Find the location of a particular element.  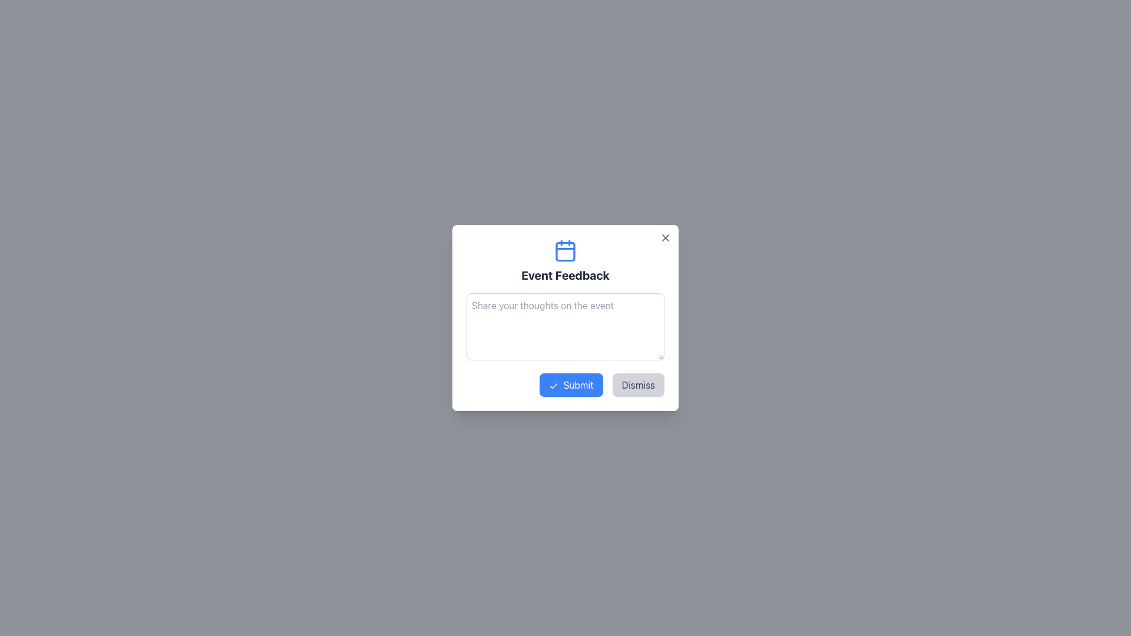

the 'Submit' button within the 'Event Feedback' dialog box, which has a blue background and white text with a checkmark icon, located at the bottom-right of the dialog is located at coordinates (565, 385).